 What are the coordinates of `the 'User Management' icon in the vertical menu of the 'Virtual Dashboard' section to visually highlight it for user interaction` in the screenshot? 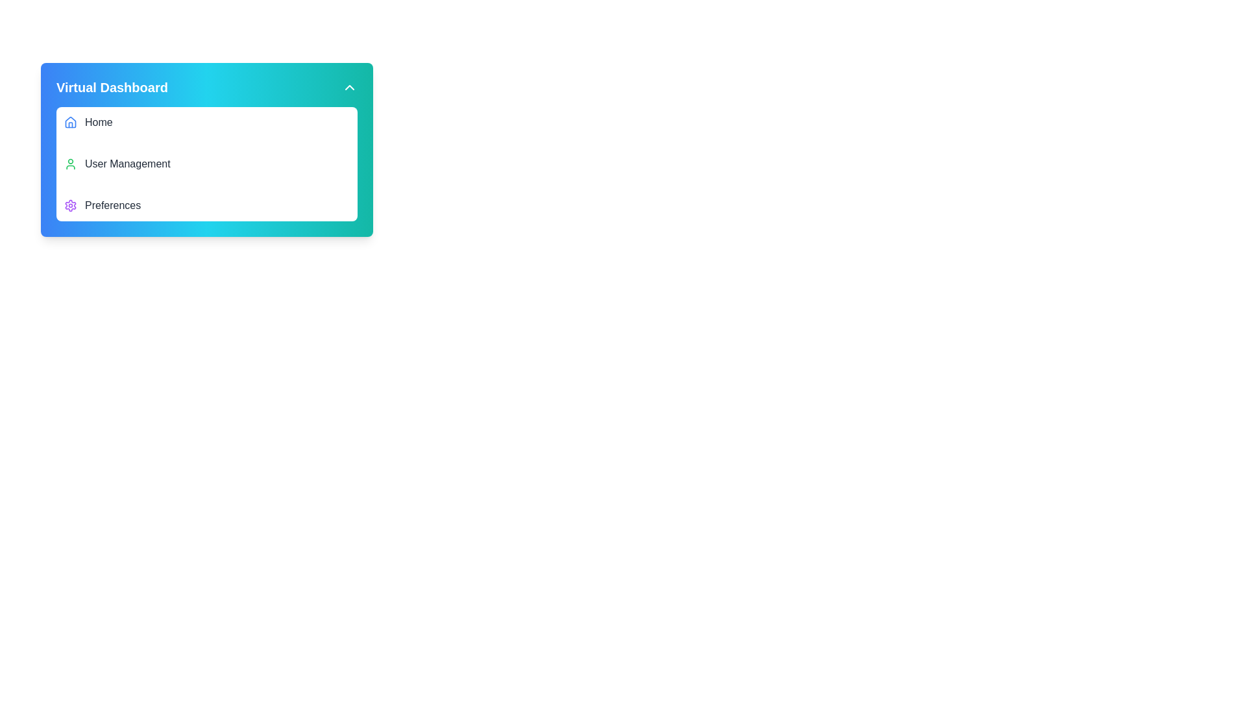 It's located at (70, 164).